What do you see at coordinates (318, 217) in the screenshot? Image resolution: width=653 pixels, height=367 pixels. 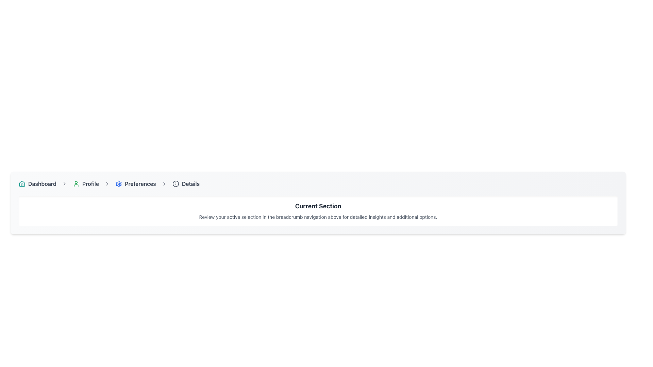 I see `the descriptive gray text located below the 'Current Section' title in the structured content area` at bounding box center [318, 217].